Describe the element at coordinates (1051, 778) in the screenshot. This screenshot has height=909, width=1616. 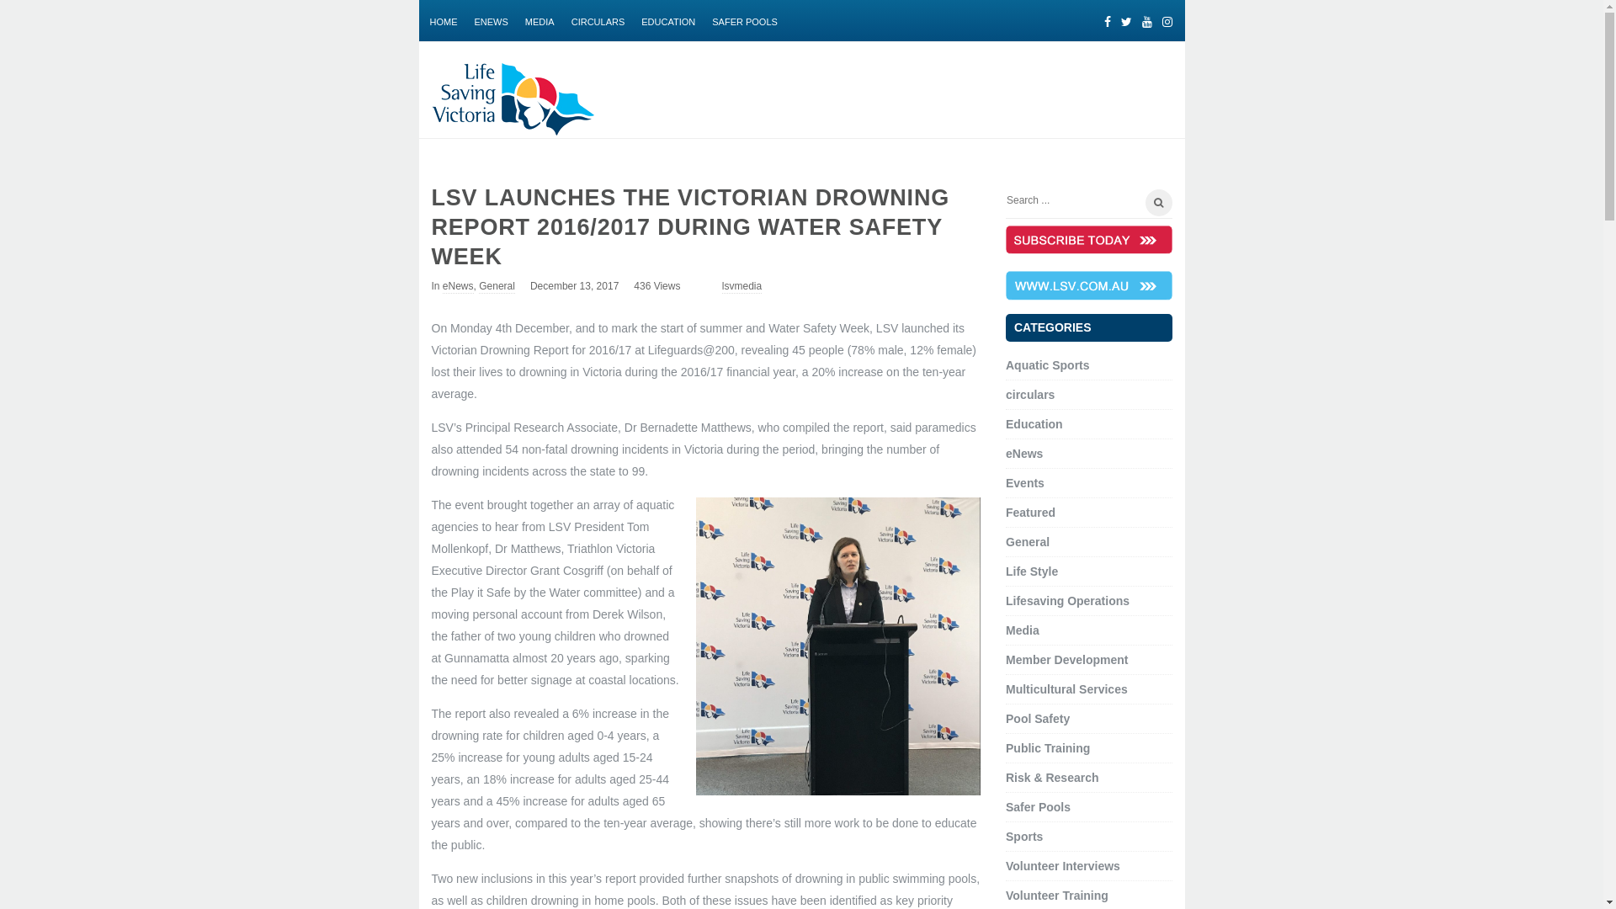
I see `'Risk & Research'` at that location.